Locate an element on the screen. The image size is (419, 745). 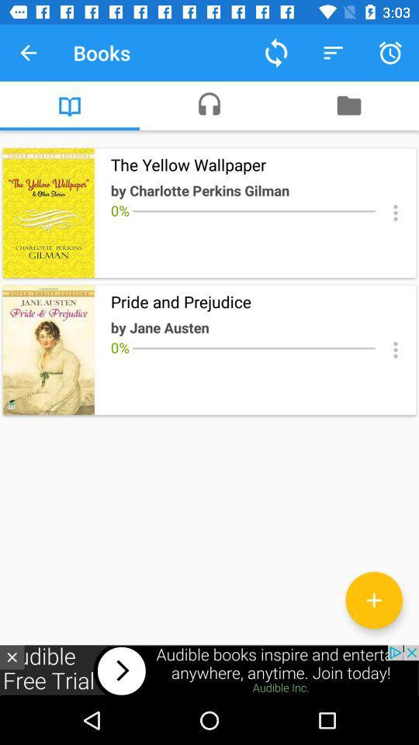
a book is located at coordinates (373, 599).